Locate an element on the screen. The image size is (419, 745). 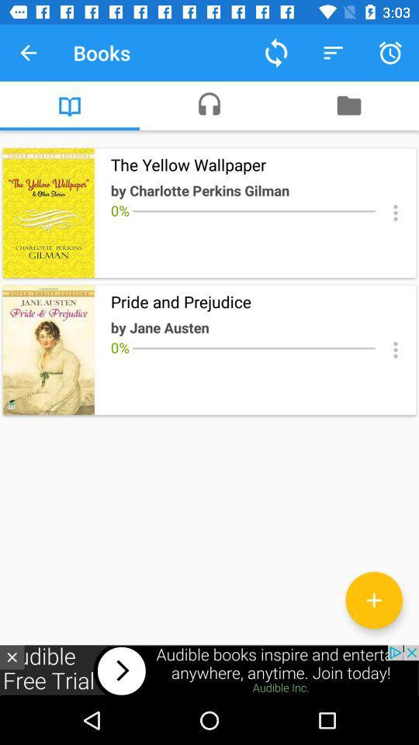
a book is located at coordinates (373, 599).